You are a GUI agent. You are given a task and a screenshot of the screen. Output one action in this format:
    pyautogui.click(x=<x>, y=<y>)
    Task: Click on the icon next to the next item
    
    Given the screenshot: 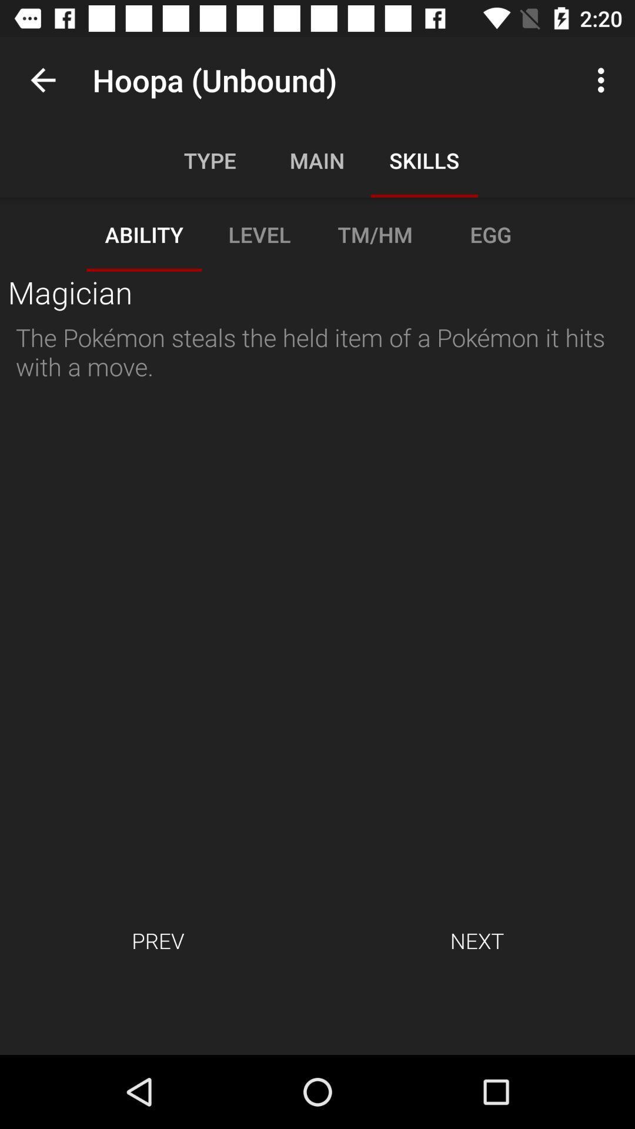 What is the action you would take?
    pyautogui.click(x=157, y=940)
    